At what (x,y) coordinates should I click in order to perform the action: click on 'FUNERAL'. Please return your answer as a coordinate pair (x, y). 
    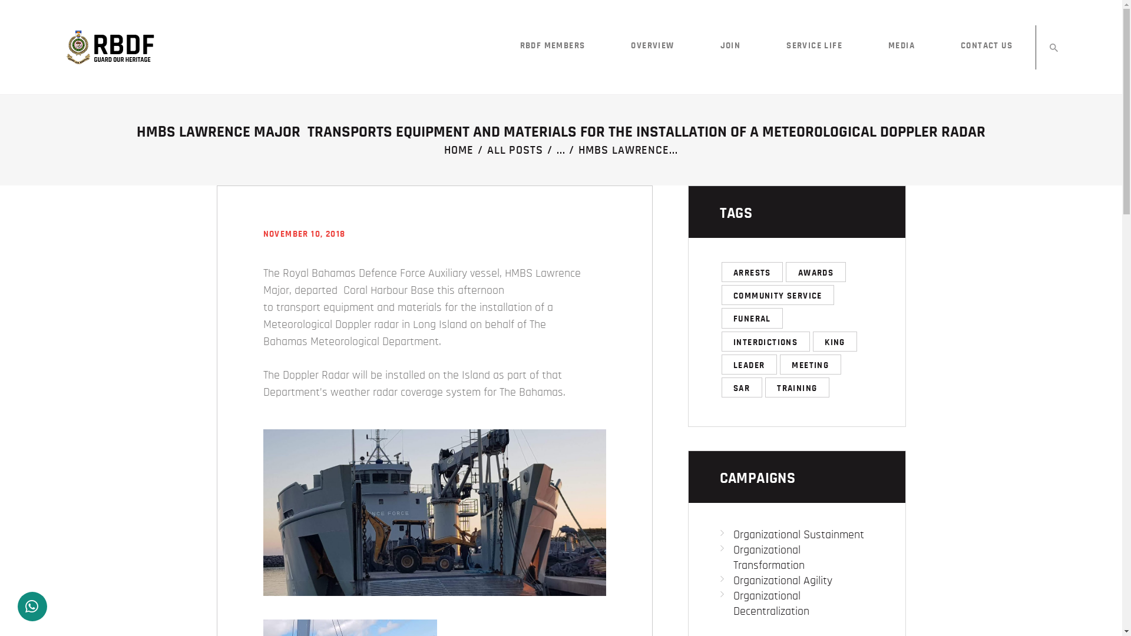
    Looking at the image, I should click on (751, 318).